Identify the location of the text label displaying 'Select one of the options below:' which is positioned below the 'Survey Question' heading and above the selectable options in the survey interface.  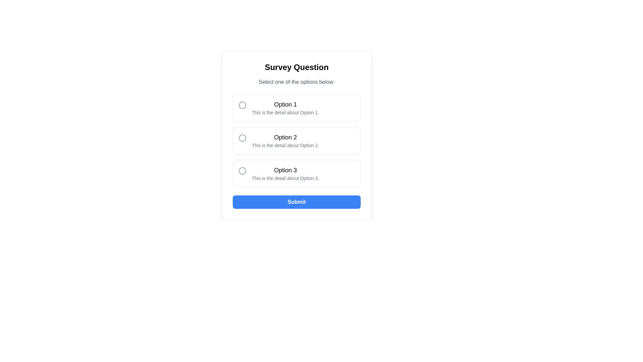
(296, 82).